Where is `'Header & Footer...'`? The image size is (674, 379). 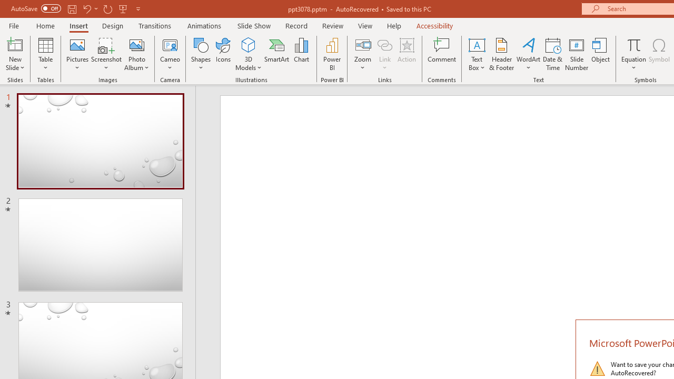
'Header & Footer...' is located at coordinates (501, 54).